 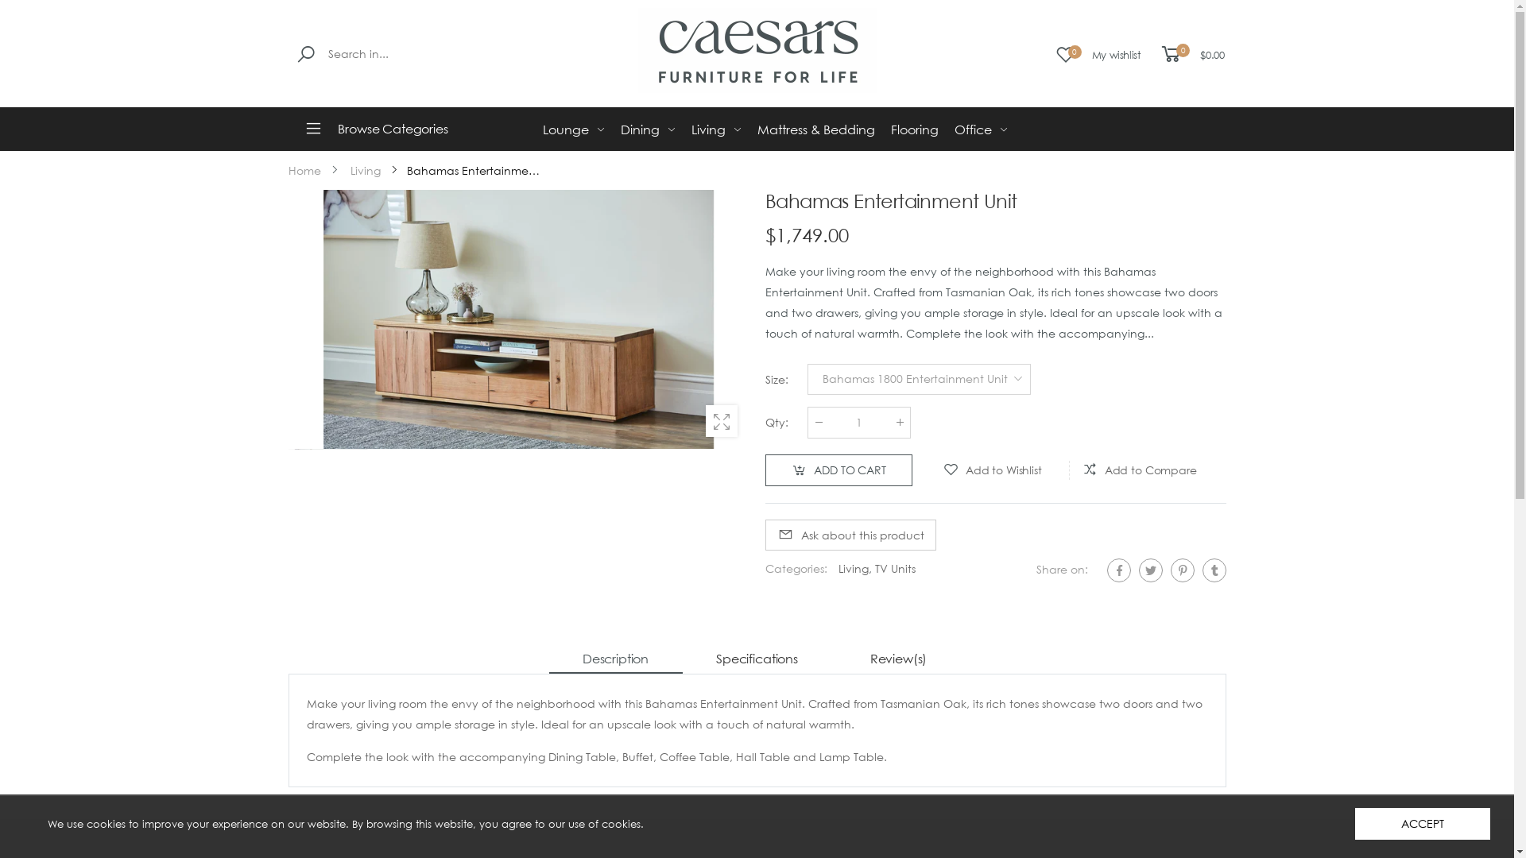 I want to click on 'Mattress & Bedding', so click(x=815, y=128).